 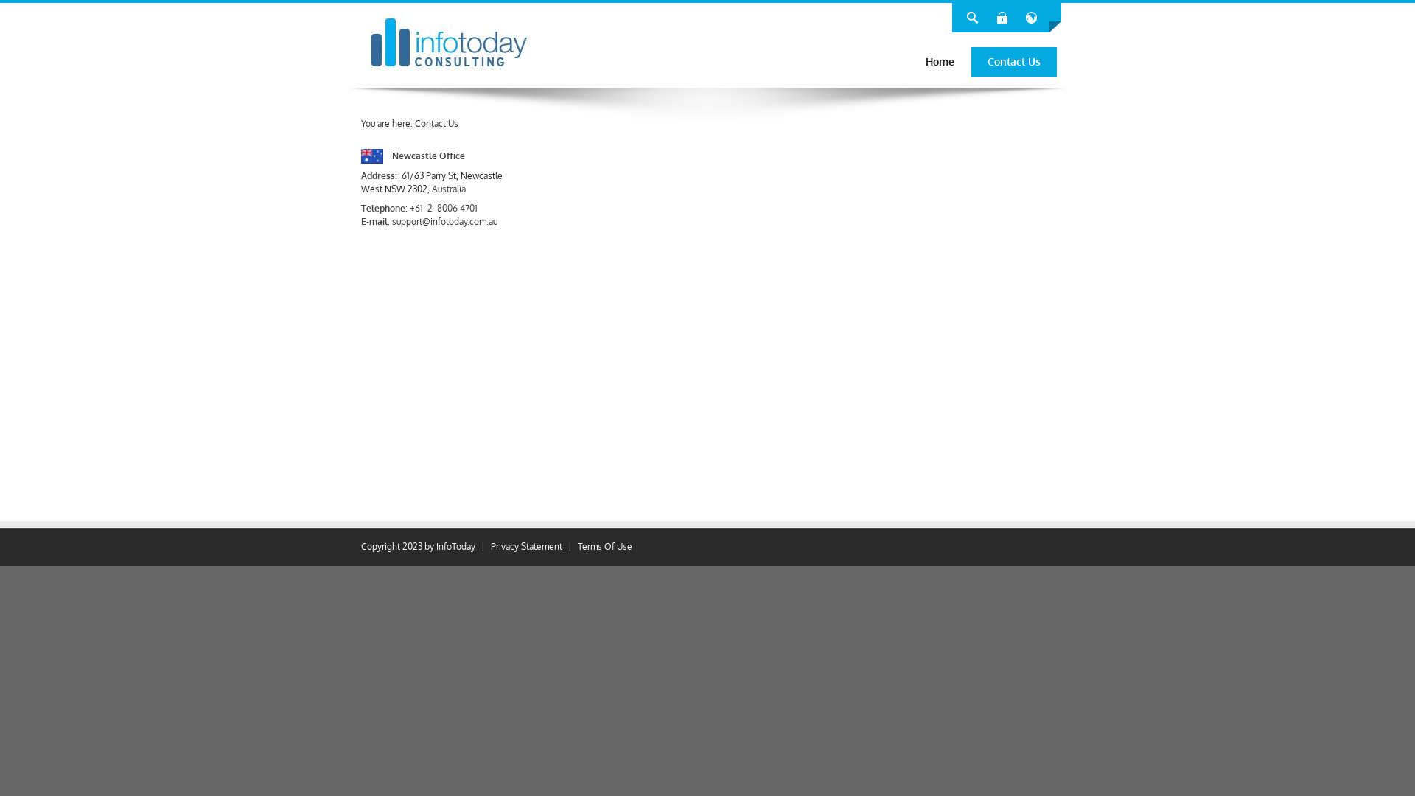 What do you see at coordinates (939, 61) in the screenshot?
I see `'Home'` at bounding box center [939, 61].